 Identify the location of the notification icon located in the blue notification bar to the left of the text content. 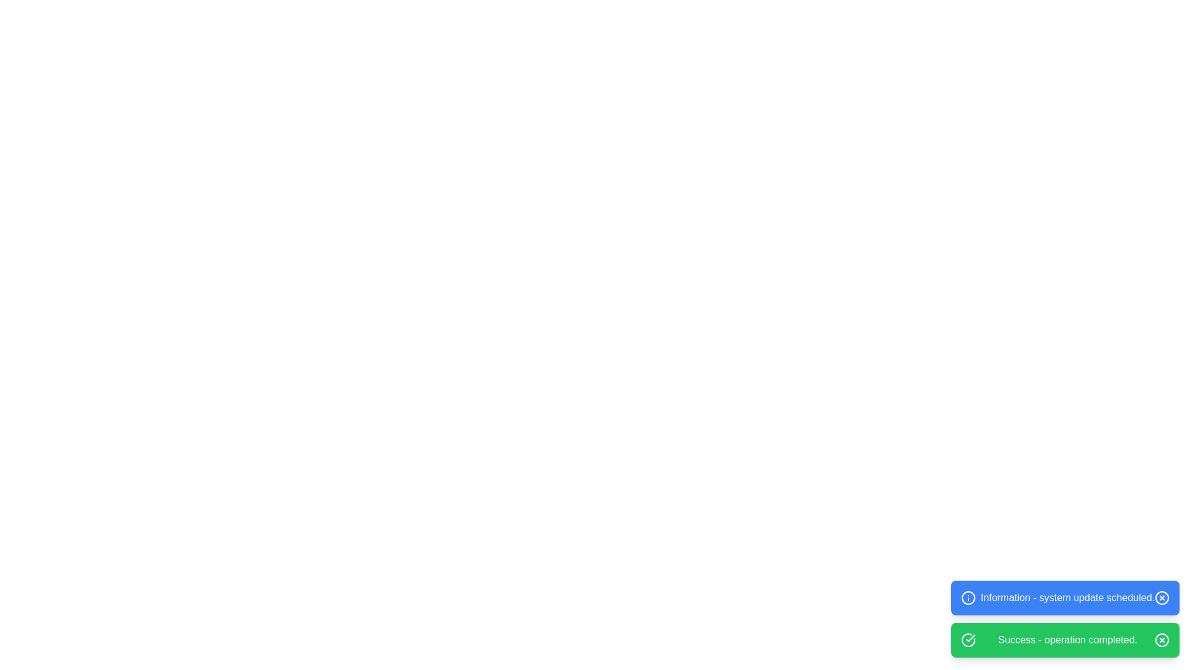
(967, 597).